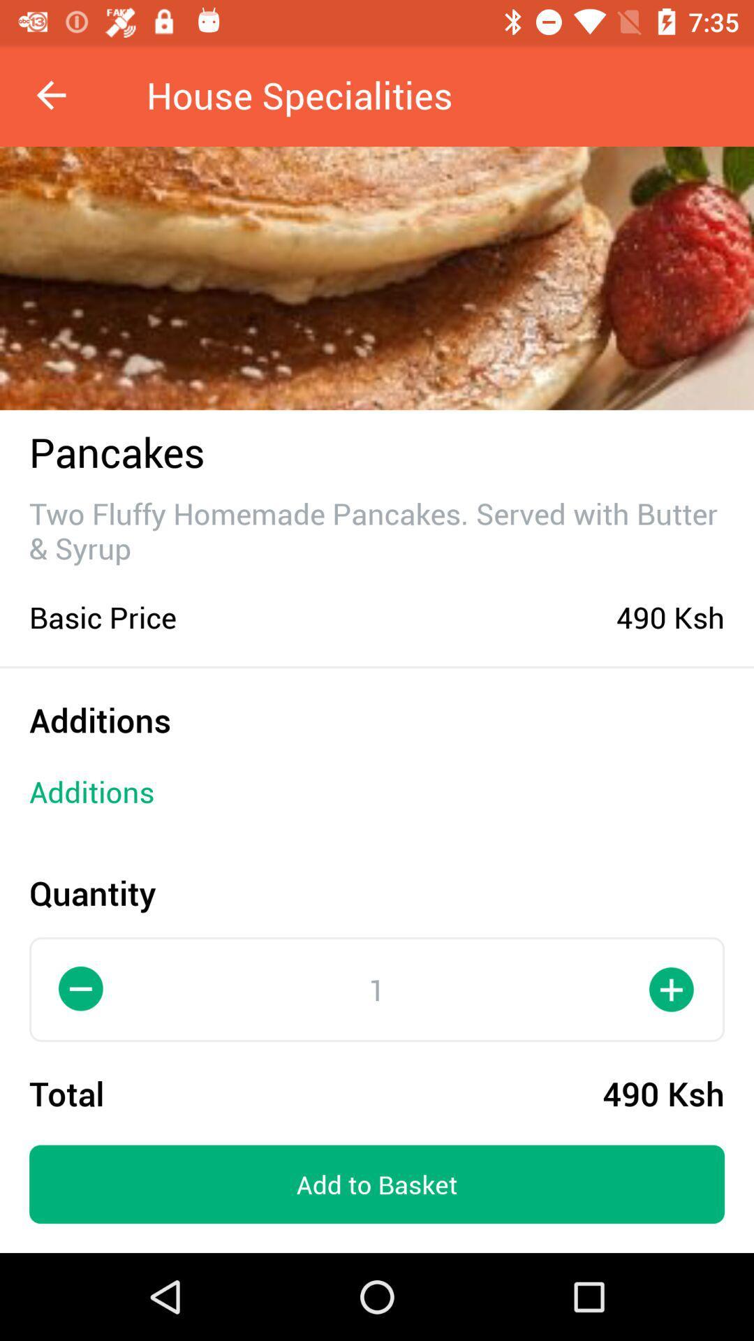 The height and width of the screenshot is (1341, 754). Describe the element at coordinates (81, 988) in the screenshot. I see `the minus icon` at that location.